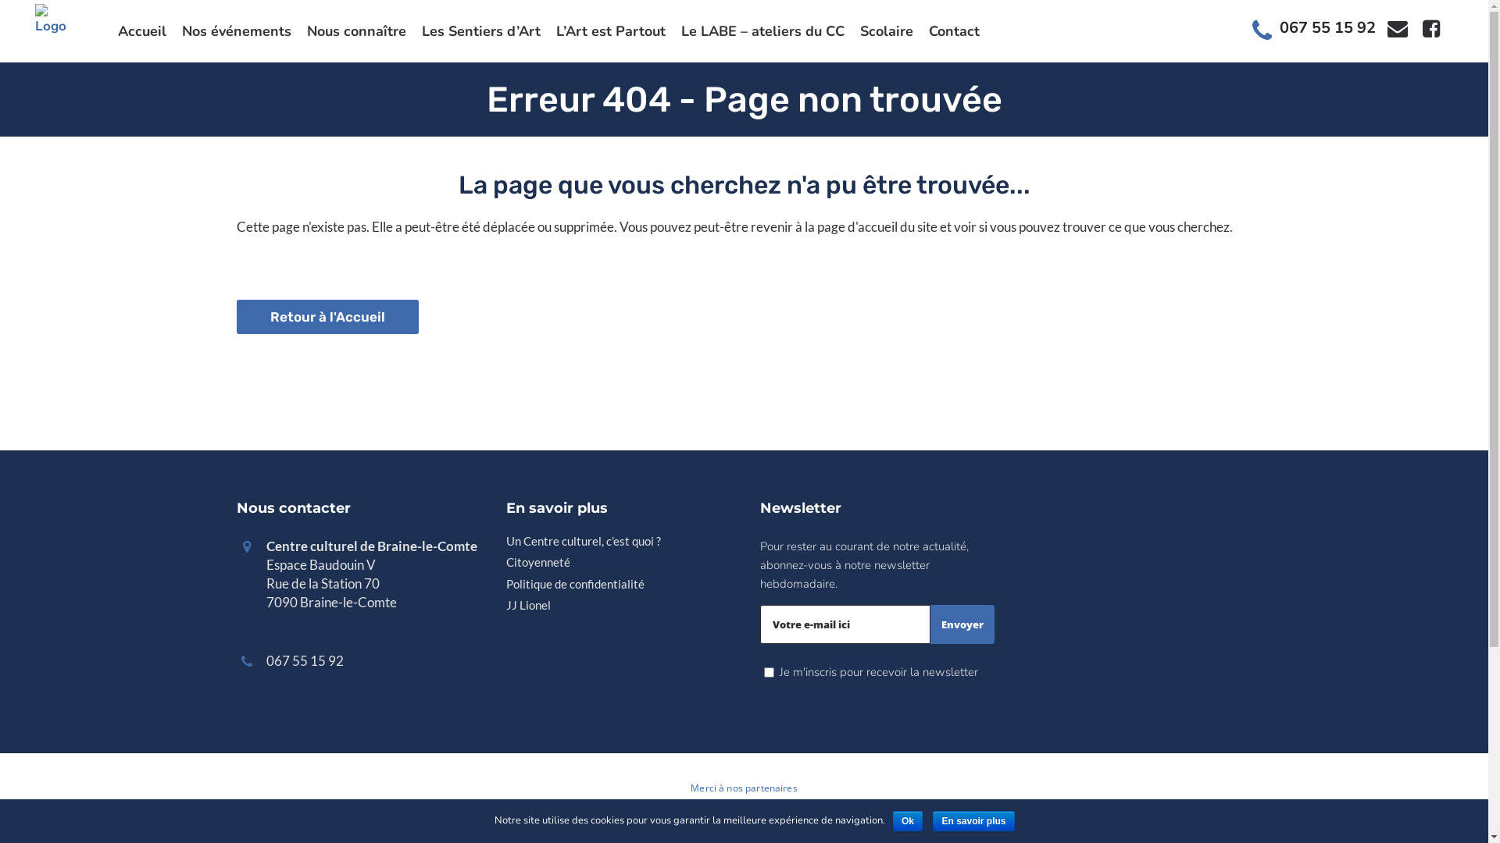  Describe the element at coordinates (973, 820) in the screenshot. I see `'En savoir plus'` at that location.